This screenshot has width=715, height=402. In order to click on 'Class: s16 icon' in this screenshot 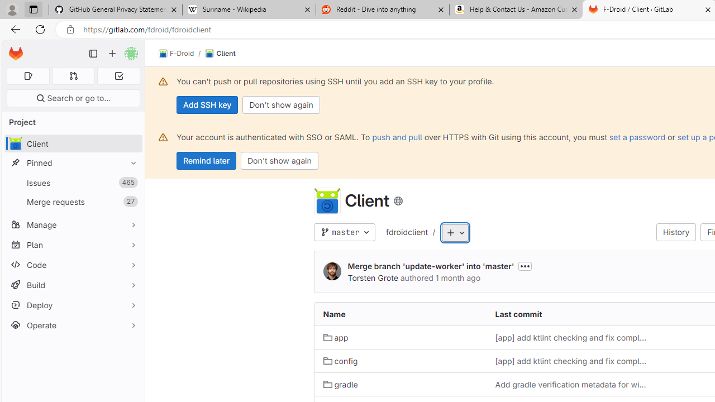, I will do `click(398, 201)`.